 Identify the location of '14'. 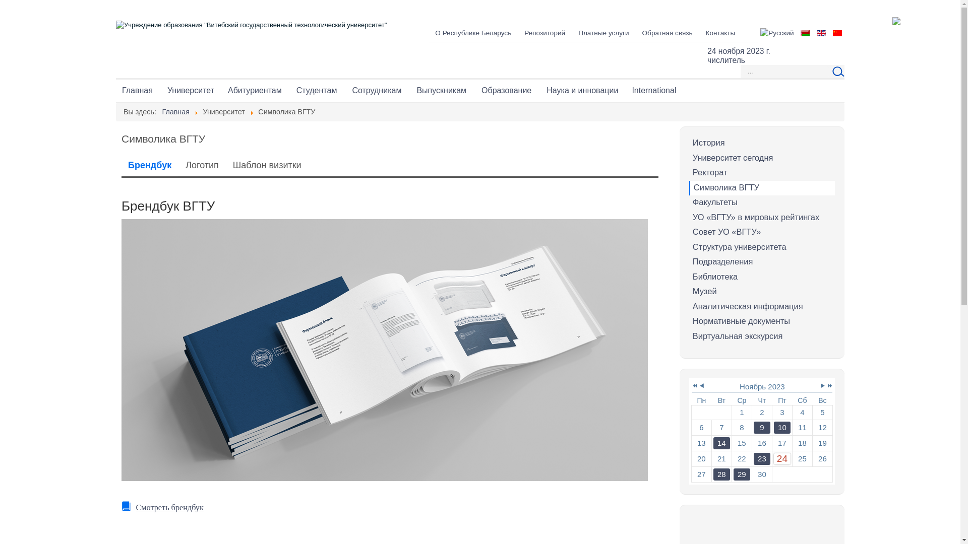
(721, 442).